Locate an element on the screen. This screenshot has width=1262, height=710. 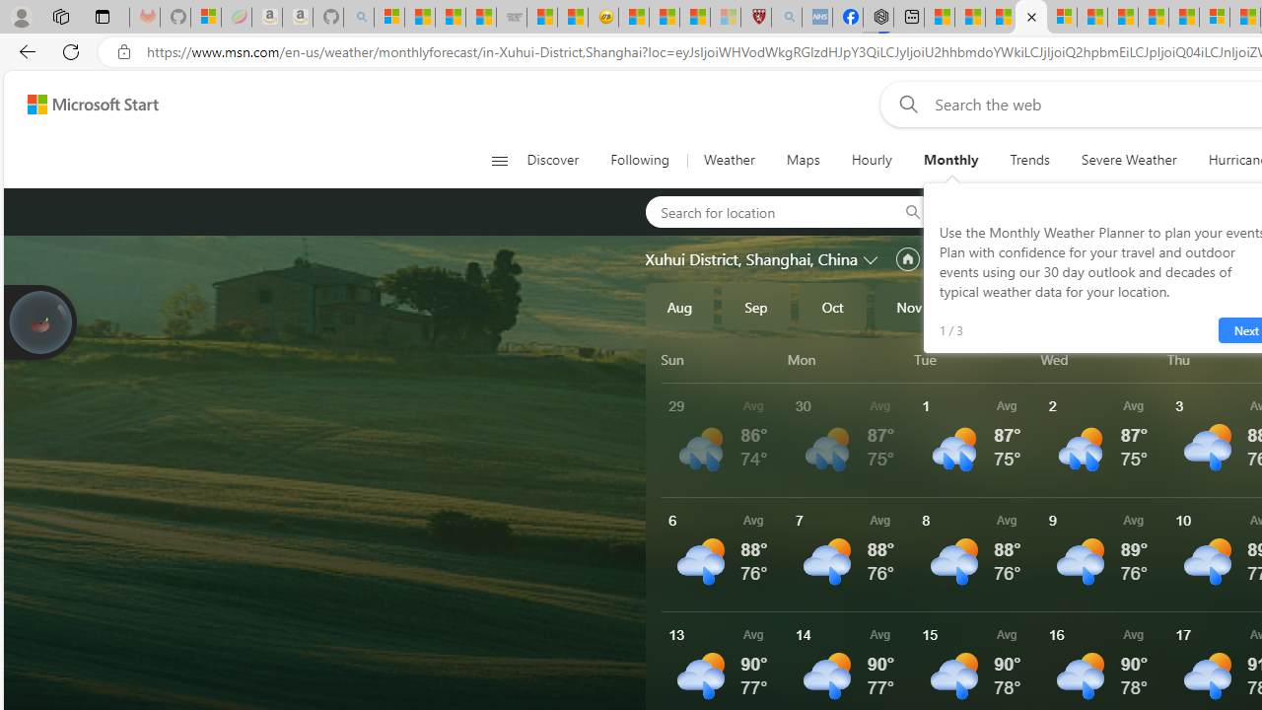
'Microsoft-Report a Concern to Bing' is located at coordinates (206, 17).